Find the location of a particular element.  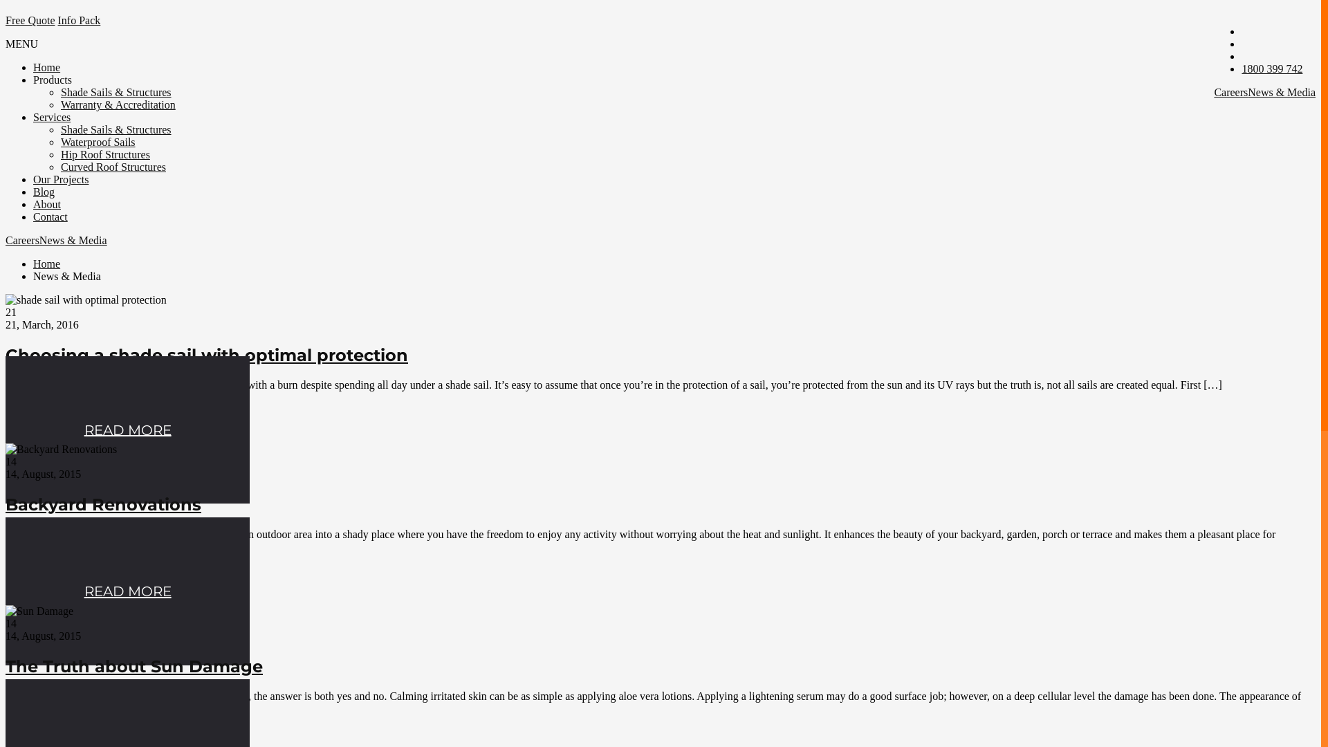

'Shade Sails & Structures' is located at coordinates (59, 92).